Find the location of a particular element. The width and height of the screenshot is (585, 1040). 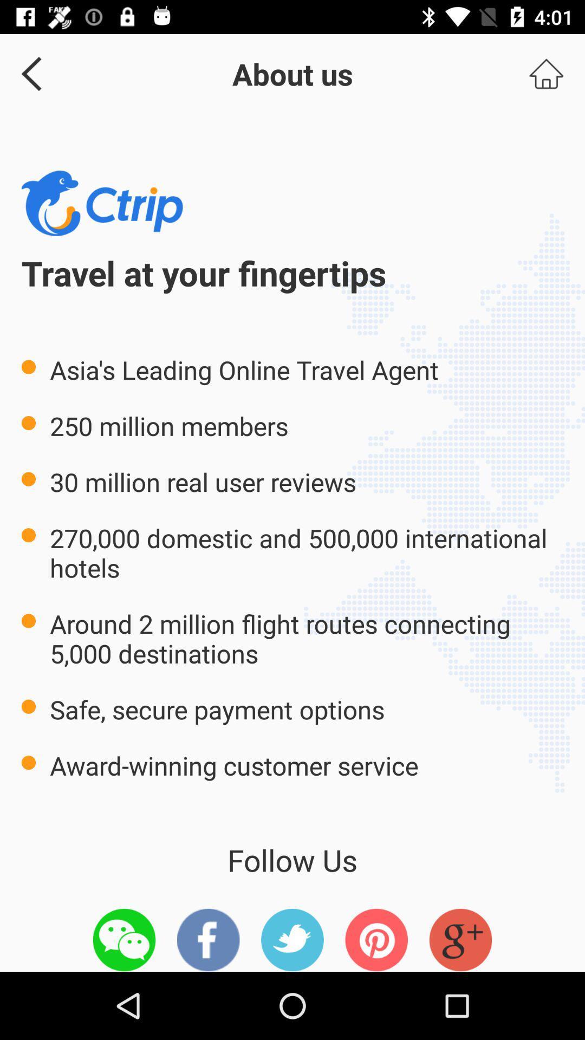

follow us on whatsapp is located at coordinates (123, 939).